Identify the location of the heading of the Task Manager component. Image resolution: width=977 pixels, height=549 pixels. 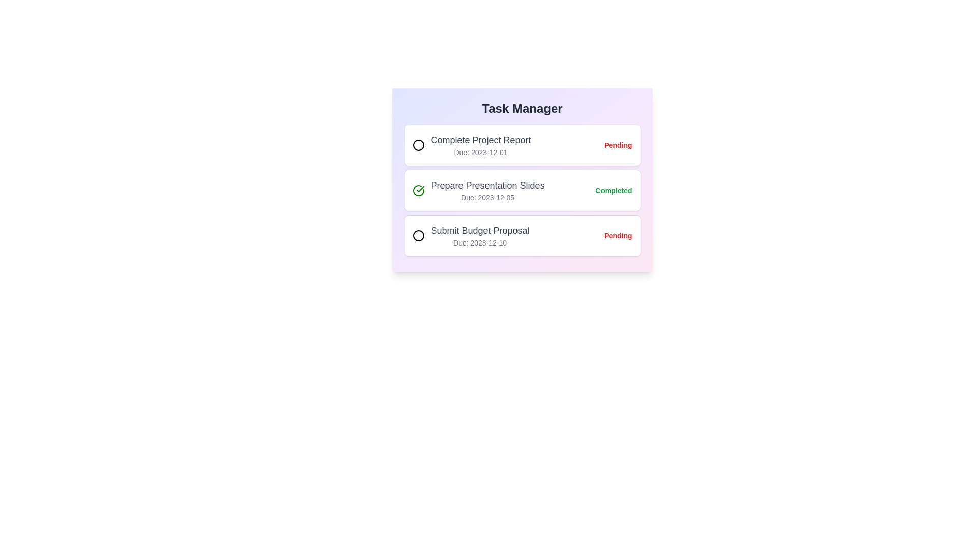
(522, 108).